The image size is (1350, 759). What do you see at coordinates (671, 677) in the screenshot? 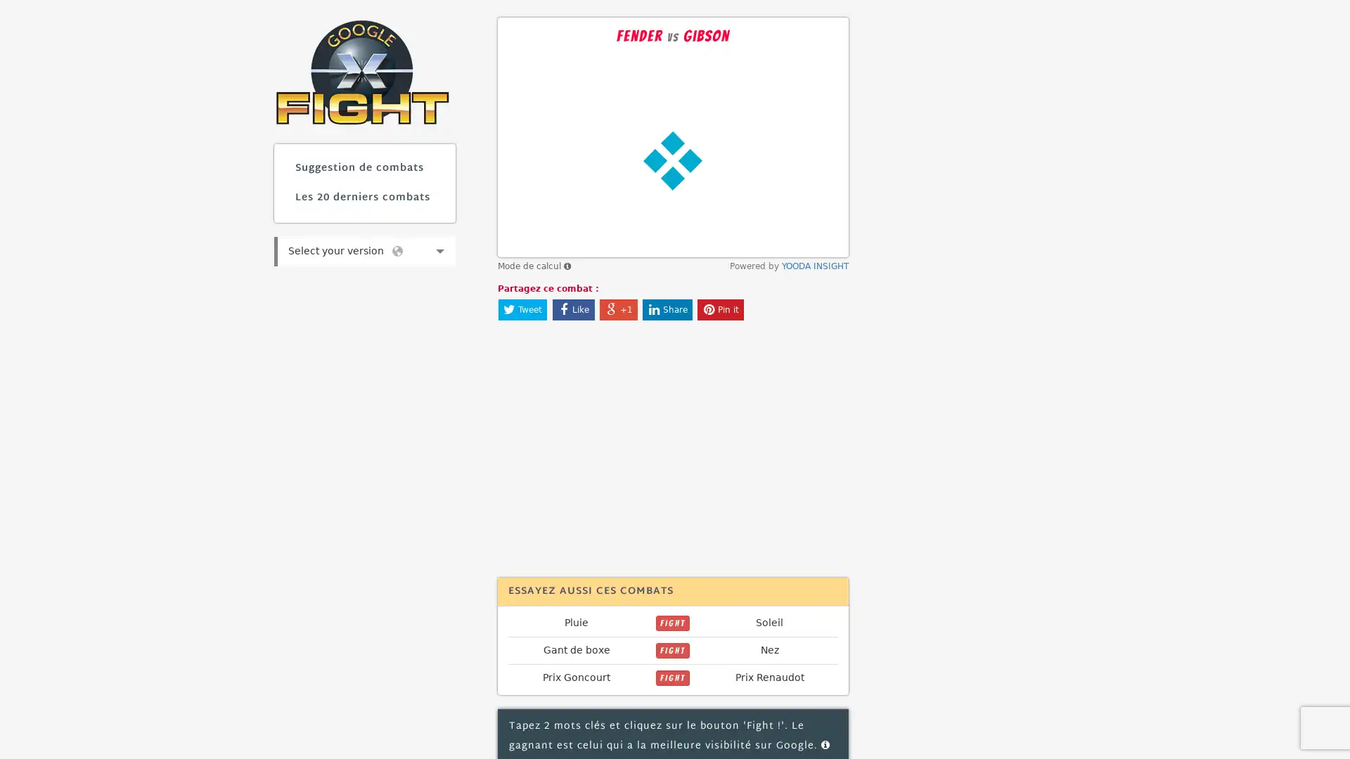
I see `FIGHT` at bounding box center [671, 677].